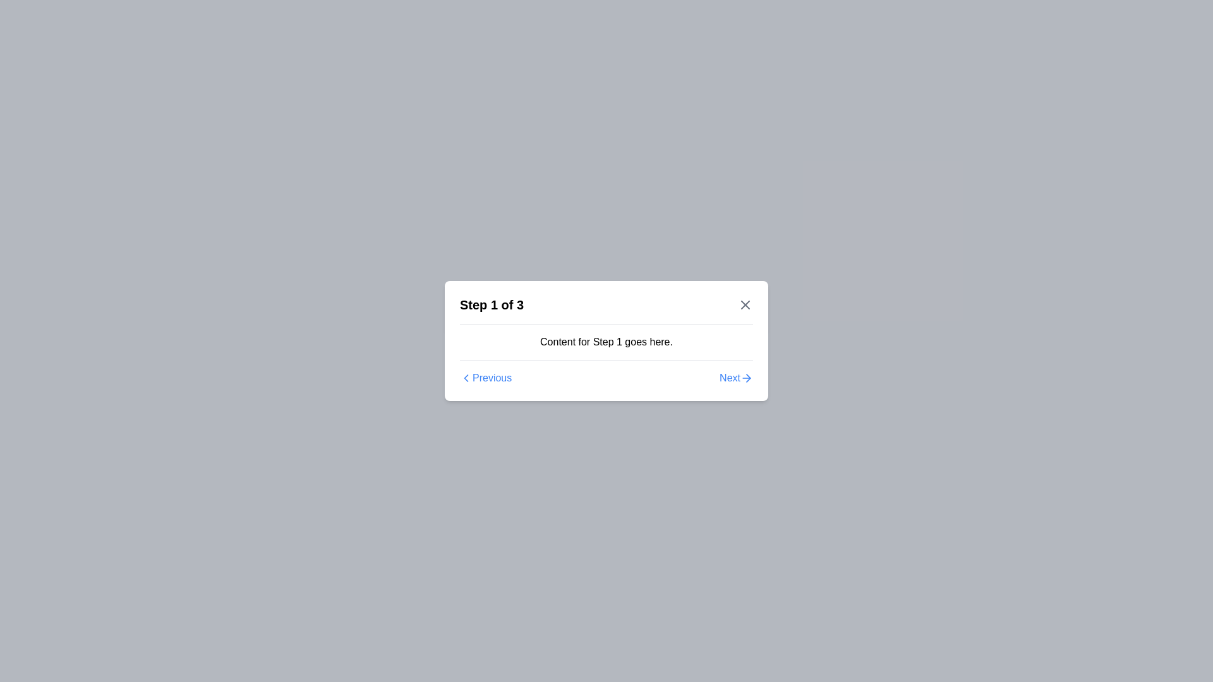  Describe the element at coordinates (748, 377) in the screenshot. I see `the visual state of the 'Next' button icon located to the right of the 'Next' text link in the bottom-right corner of the dialog interface` at that location.